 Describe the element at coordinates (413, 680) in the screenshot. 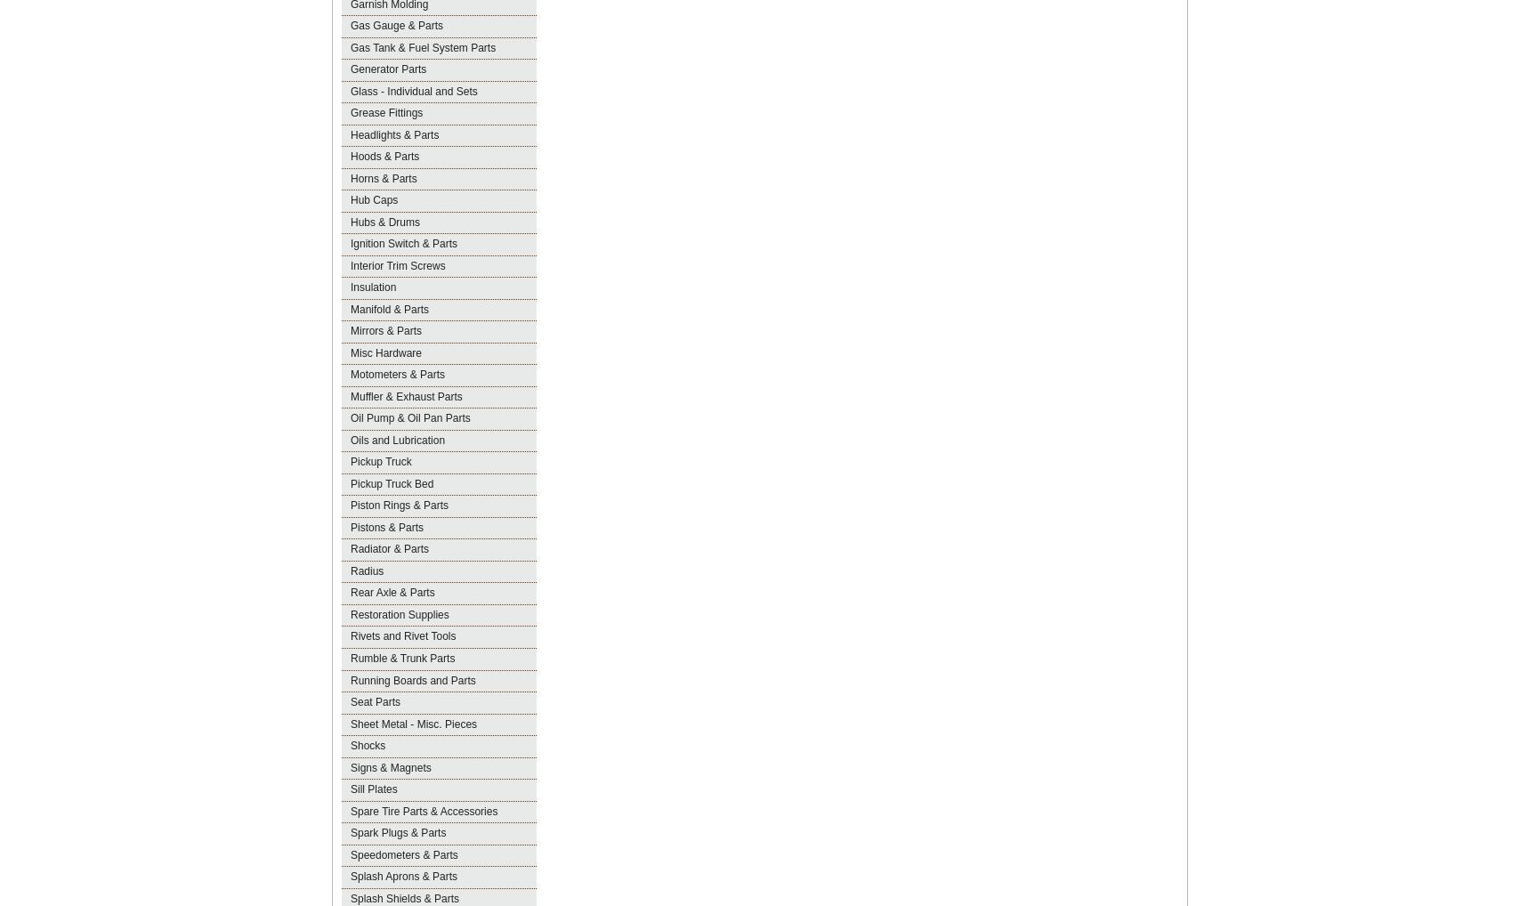

I see `'Running Boards and Parts'` at that location.